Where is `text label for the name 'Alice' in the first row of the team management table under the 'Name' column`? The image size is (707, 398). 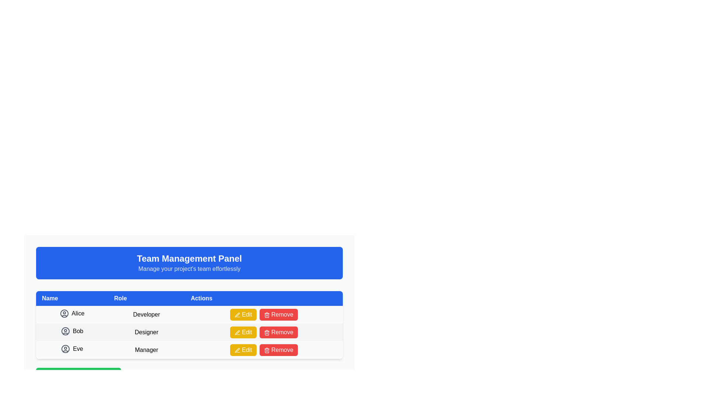 text label for the name 'Alice' in the first row of the team management table under the 'Name' column is located at coordinates (78, 313).